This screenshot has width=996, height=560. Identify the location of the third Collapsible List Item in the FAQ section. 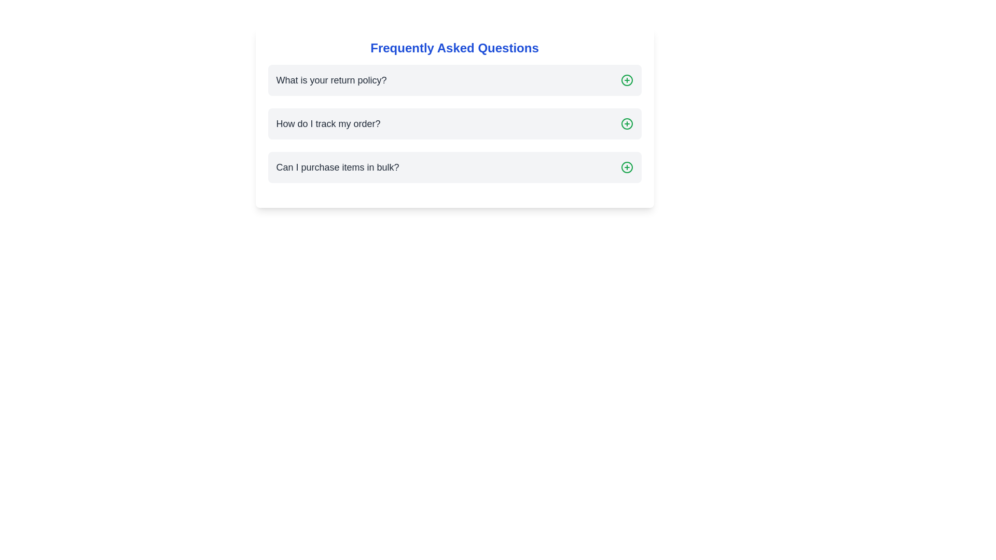
(454, 167).